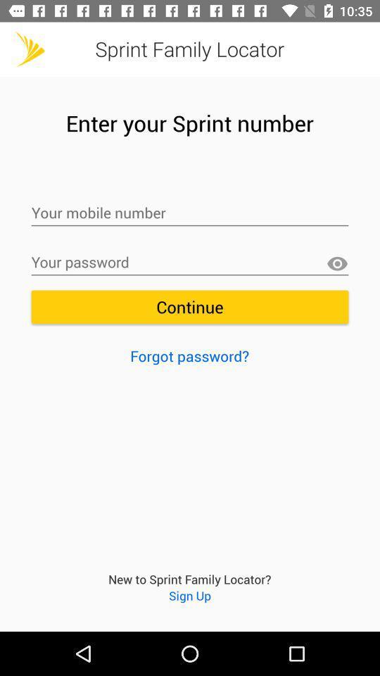 The image size is (380, 676). What do you see at coordinates (189, 355) in the screenshot?
I see `the icon above the new to sprint icon` at bounding box center [189, 355].